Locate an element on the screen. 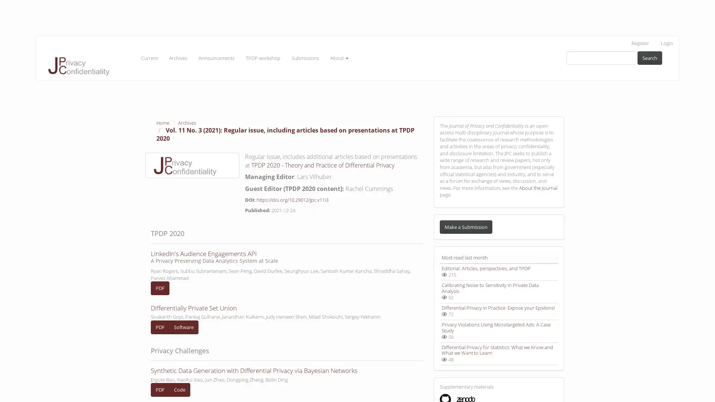 This screenshot has height=402, width=715. PDF is located at coordinates (160, 327).